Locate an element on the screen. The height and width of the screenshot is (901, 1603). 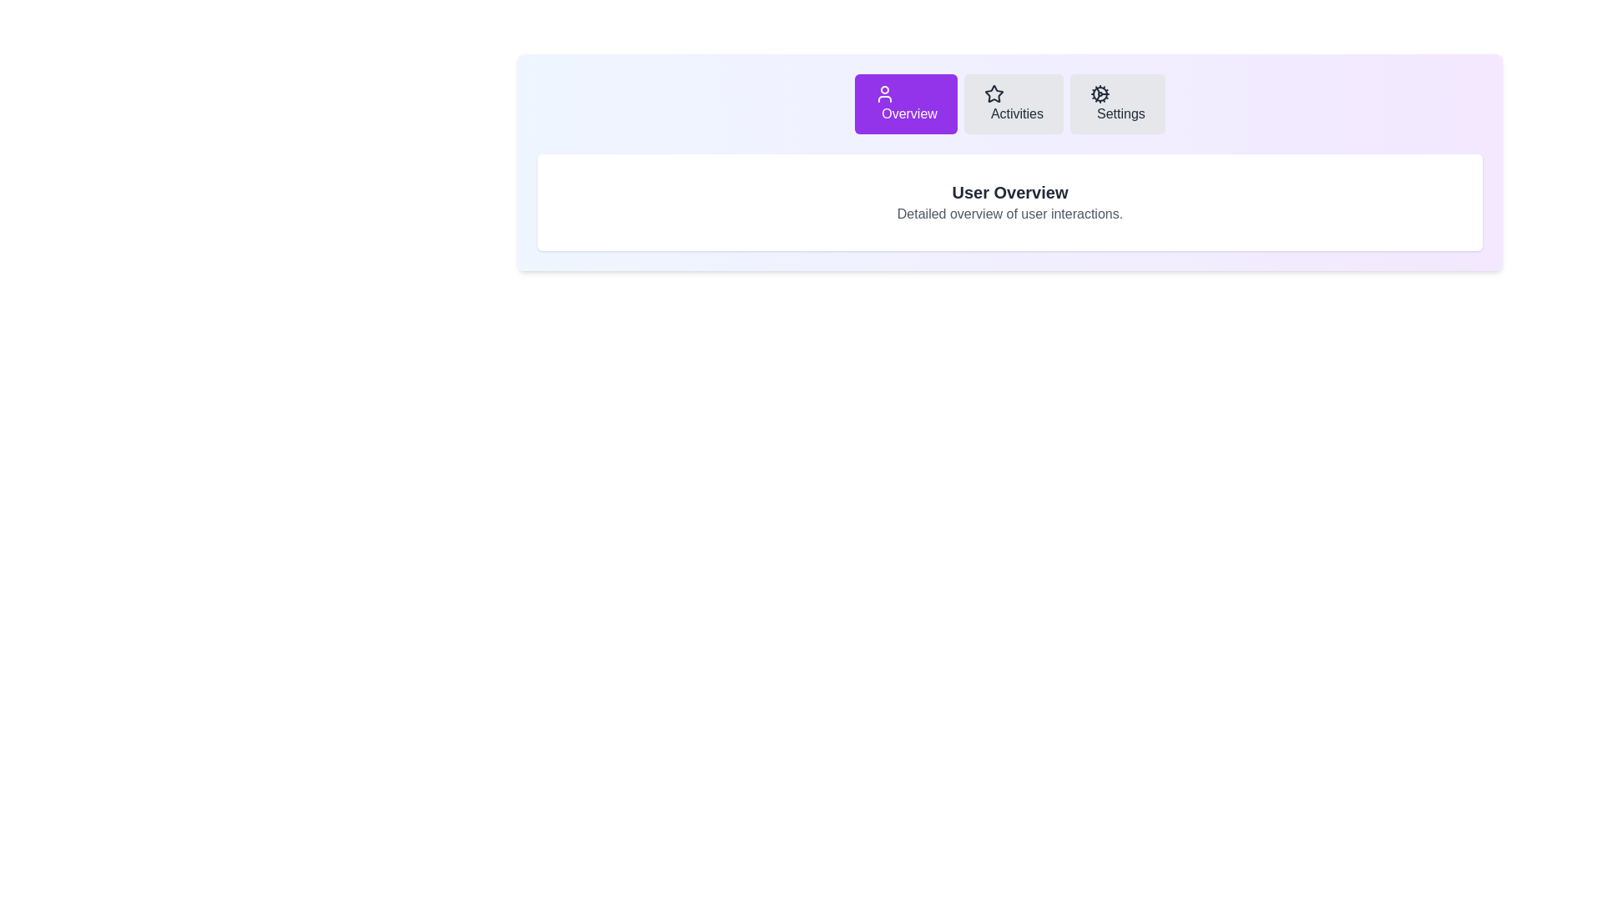
the 'Settings' button which contains the gear-shaped icon for configuration options is located at coordinates (1100, 93).